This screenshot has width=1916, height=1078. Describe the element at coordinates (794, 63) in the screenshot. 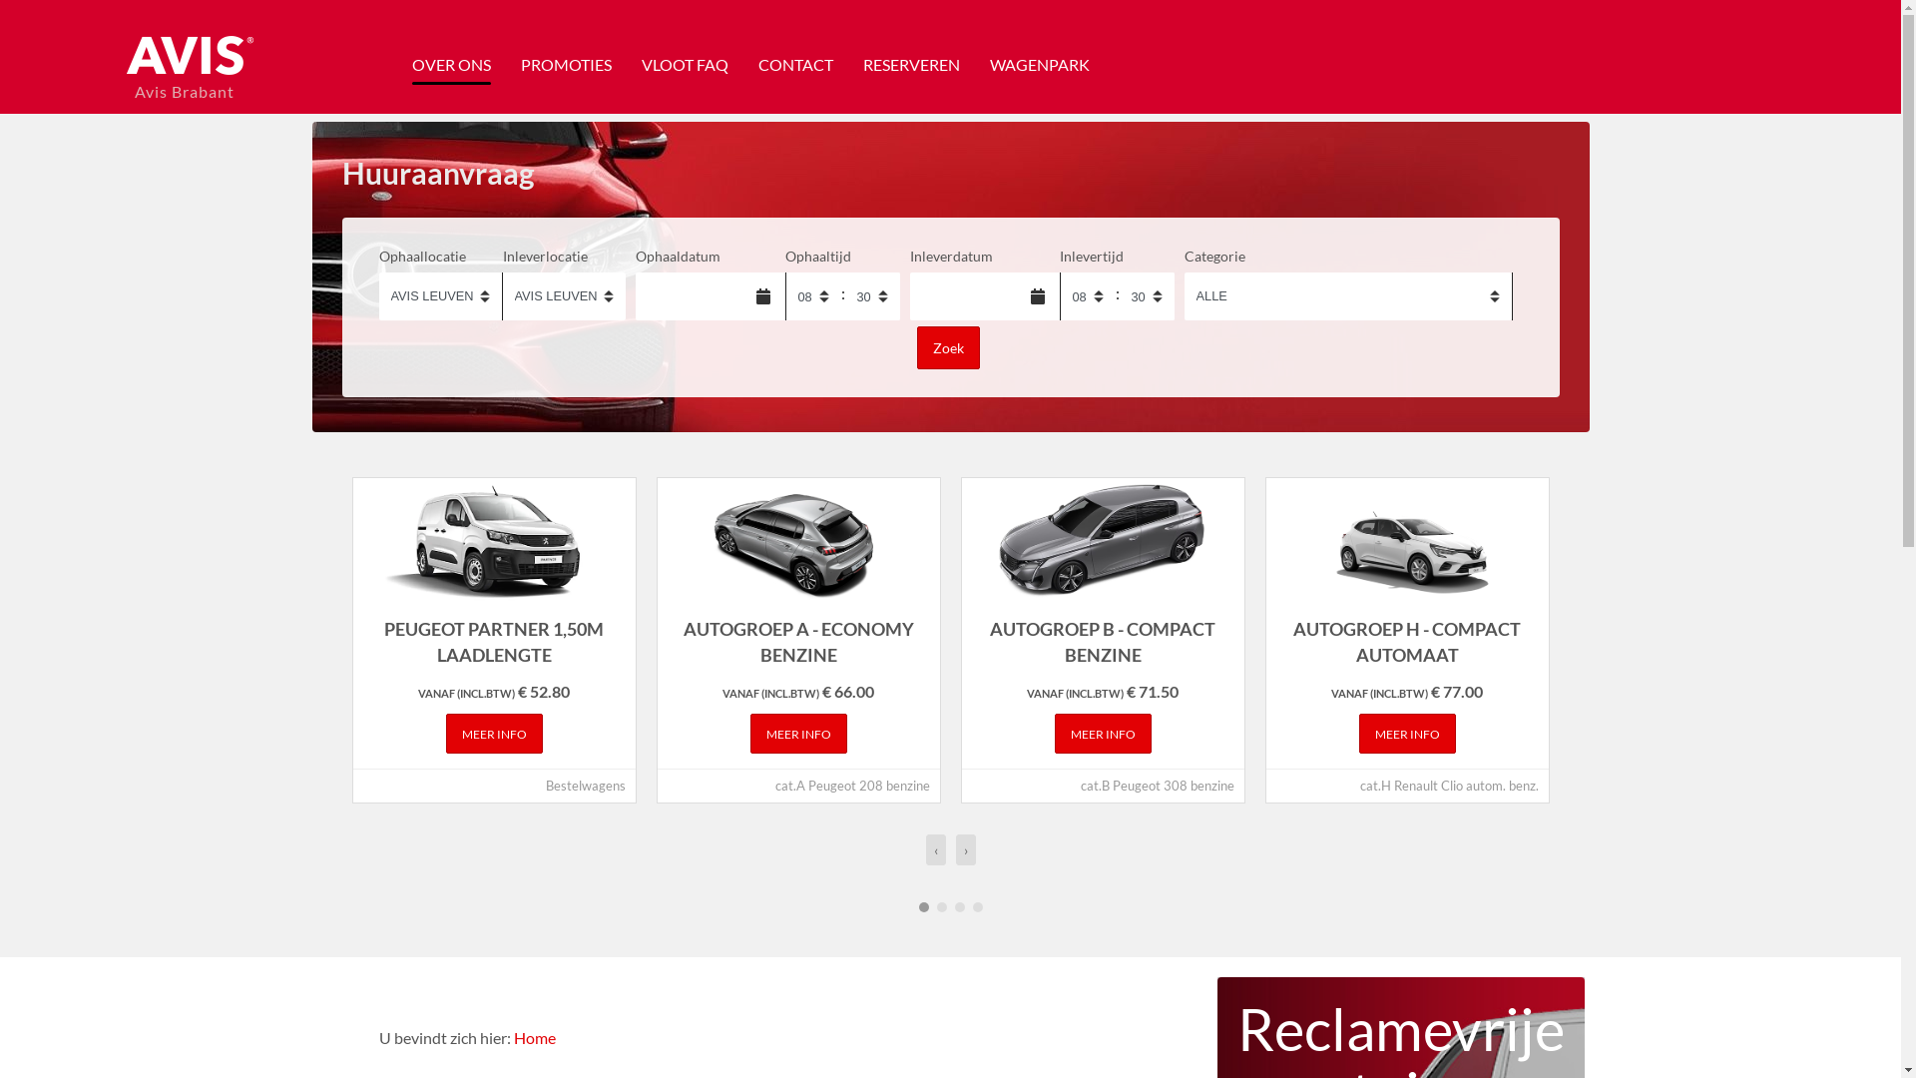

I see `'CONTACT'` at that location.